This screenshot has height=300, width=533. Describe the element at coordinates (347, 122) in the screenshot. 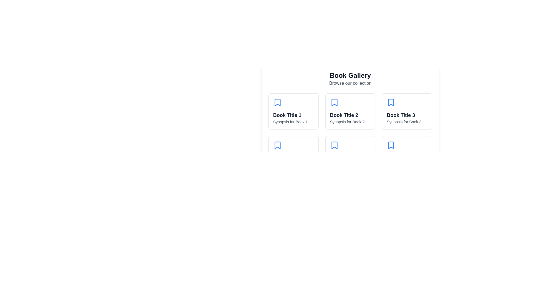

I see `the text label element that reads 'Synopsis for Book 2', which is located under the title 'Book Title 2' in the second column of the first row of the book cards` at that location.